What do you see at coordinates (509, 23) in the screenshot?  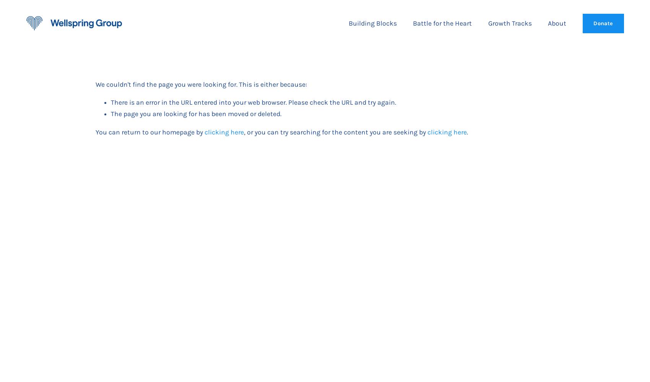 I see `'Growth Tracks'` at bounding box center [509, 23].